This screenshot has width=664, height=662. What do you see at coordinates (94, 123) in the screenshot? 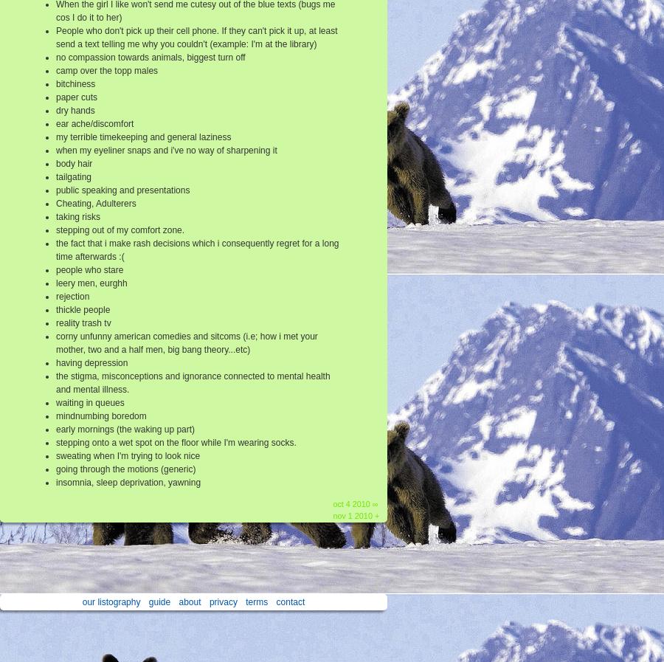
I see `'ear ache/discomfort'` at bounding box center [94, 123].